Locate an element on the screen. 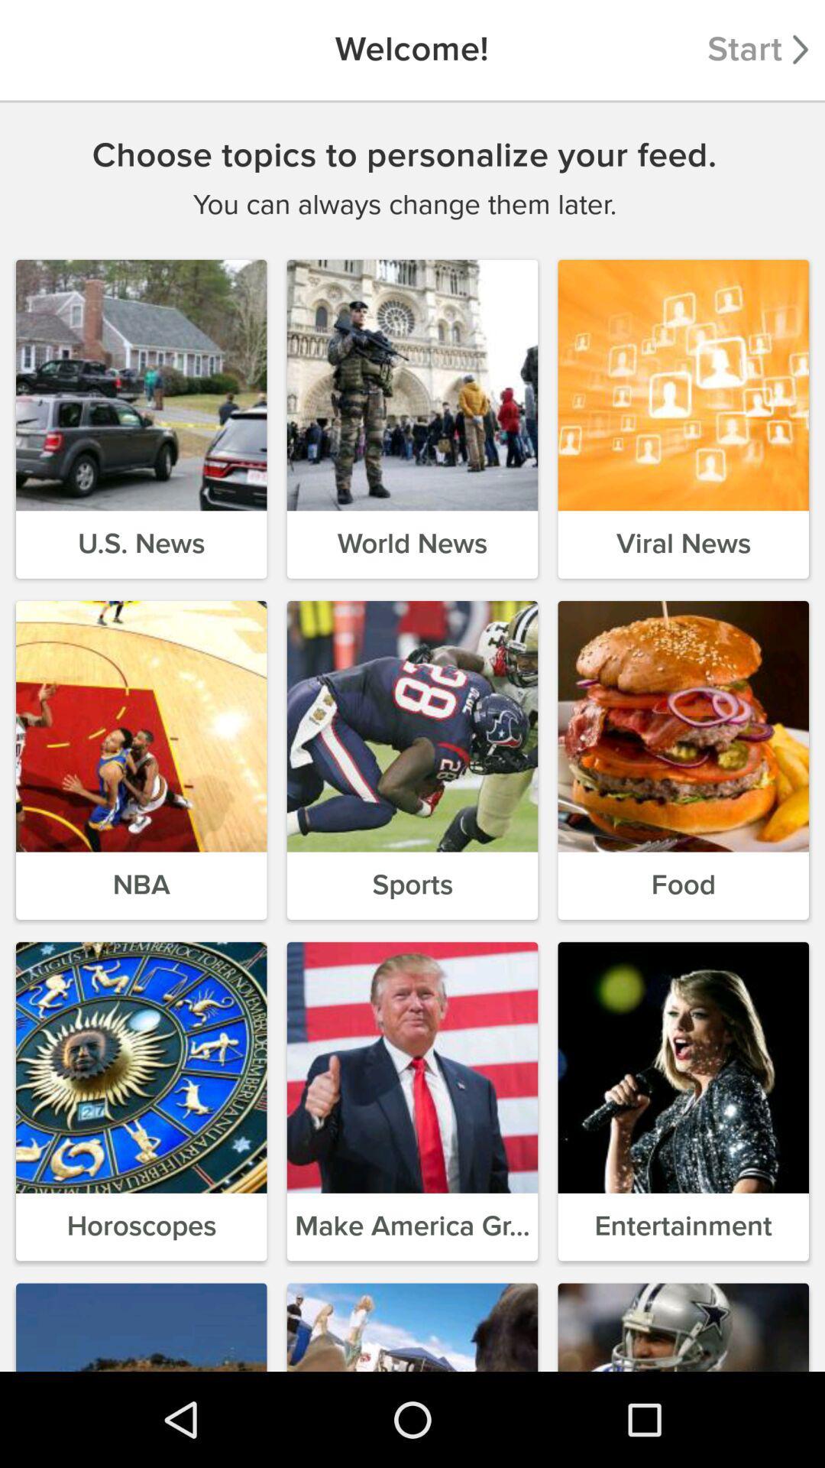  the ninth image is located at coordinates (682, 1067).